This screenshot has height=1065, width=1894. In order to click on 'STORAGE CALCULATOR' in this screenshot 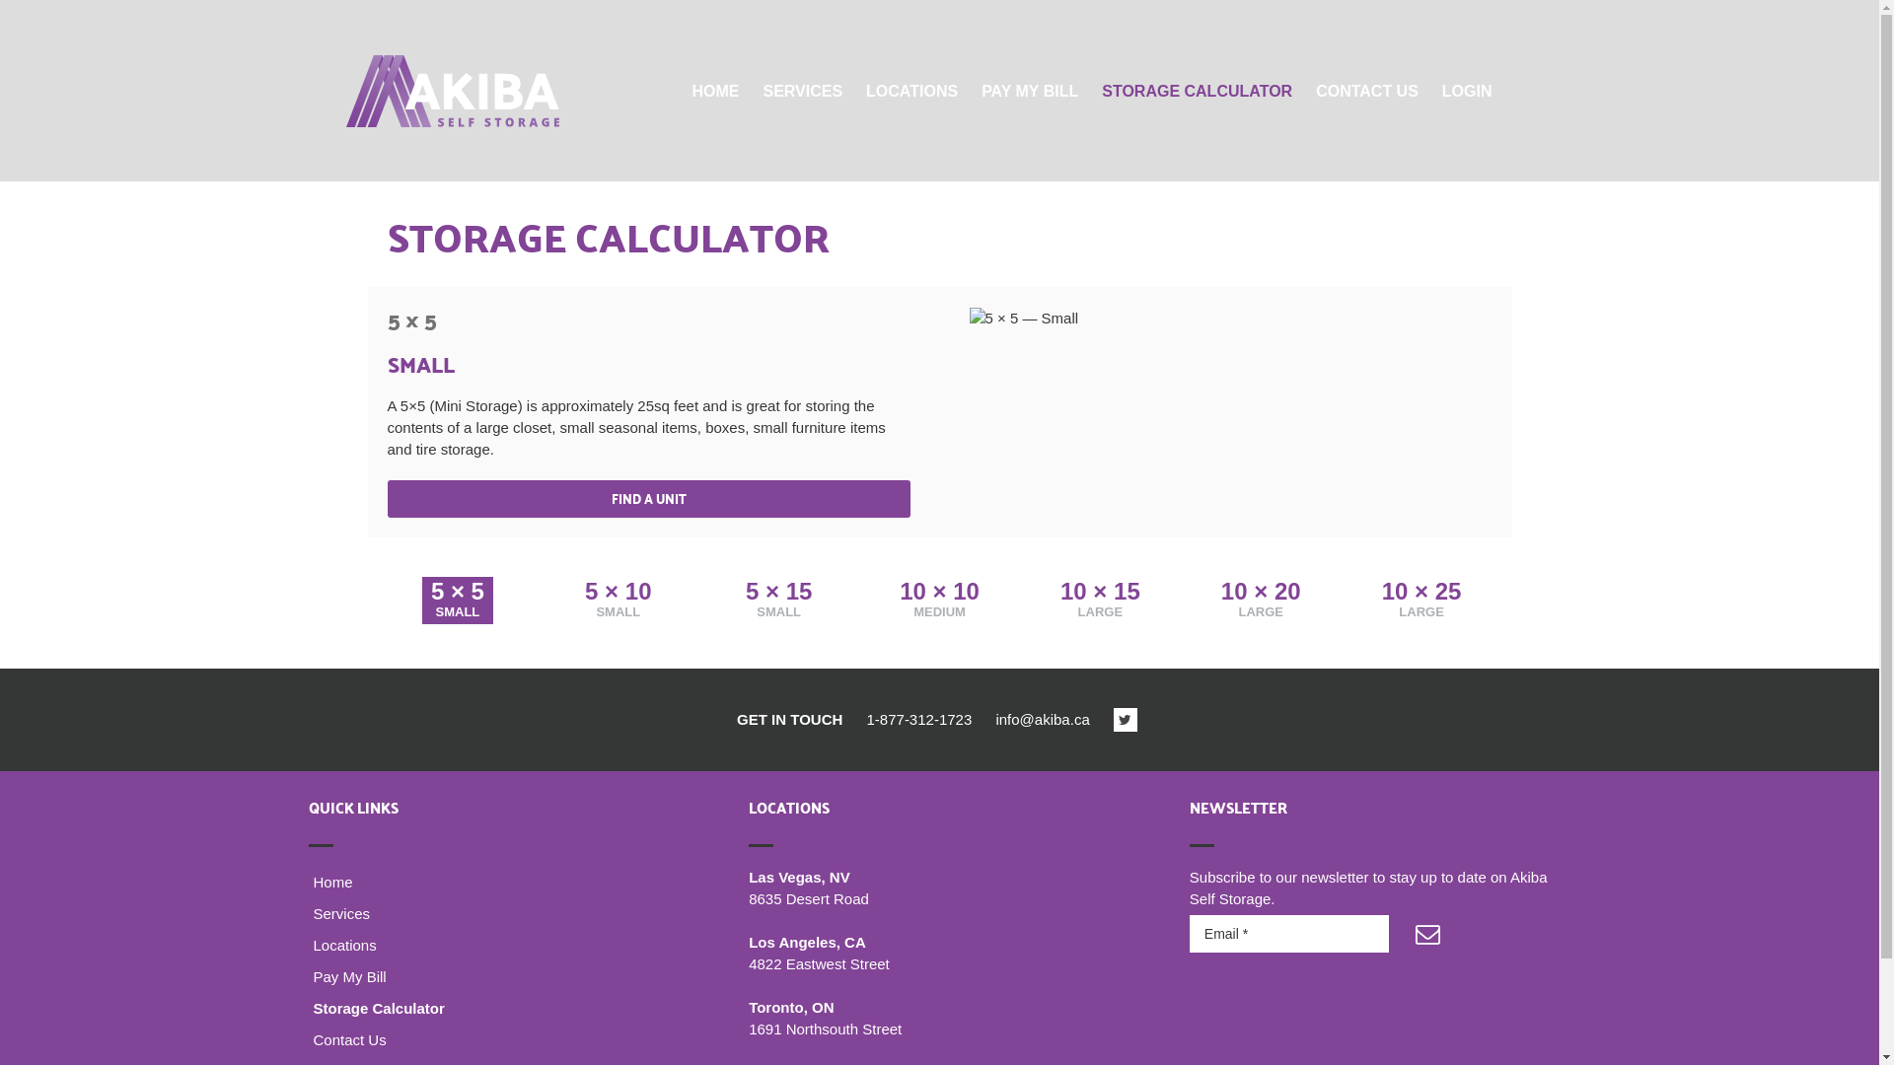, I will do `click(1196, 91)`.